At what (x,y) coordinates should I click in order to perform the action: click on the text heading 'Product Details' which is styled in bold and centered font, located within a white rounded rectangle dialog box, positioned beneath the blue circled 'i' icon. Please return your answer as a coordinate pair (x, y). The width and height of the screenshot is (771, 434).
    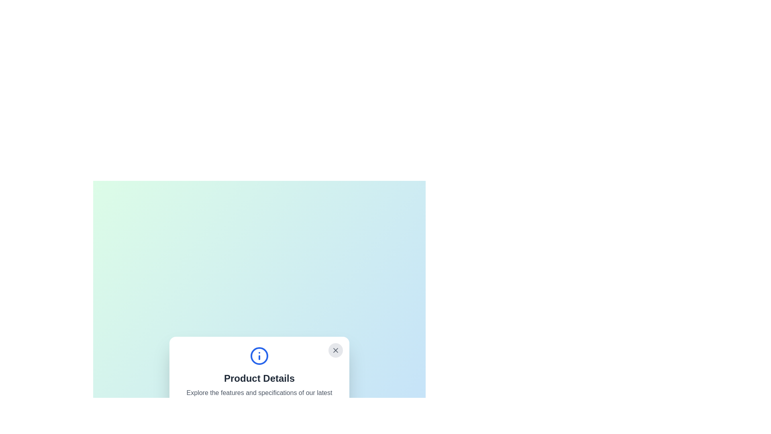
    Looking at the image, I should click on (259, 378).